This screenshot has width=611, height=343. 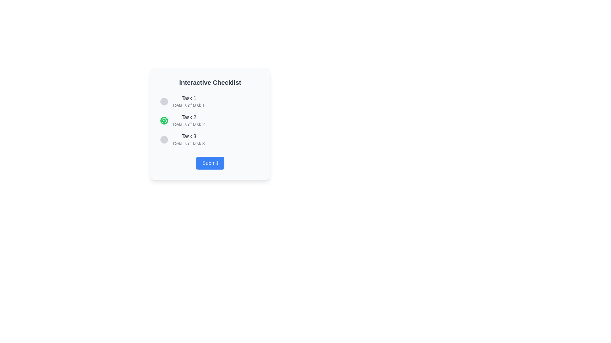 I want to click on the 'Submit' button, which is a rectangular button with a blue background and rounded corners, containing the text 'Submit' in white, located at the bottom center of the checklist card, so click(x=210, y=163).